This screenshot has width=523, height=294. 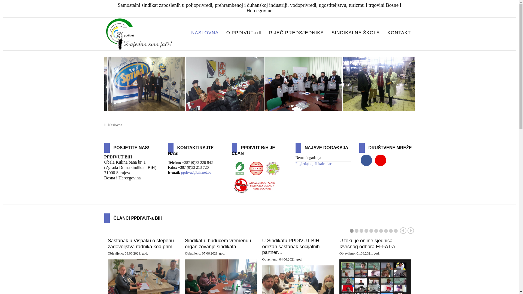 What do you see at coordinates (396, 231) in the screenshot?
I see `'10'` at bounding box center [396, 231].